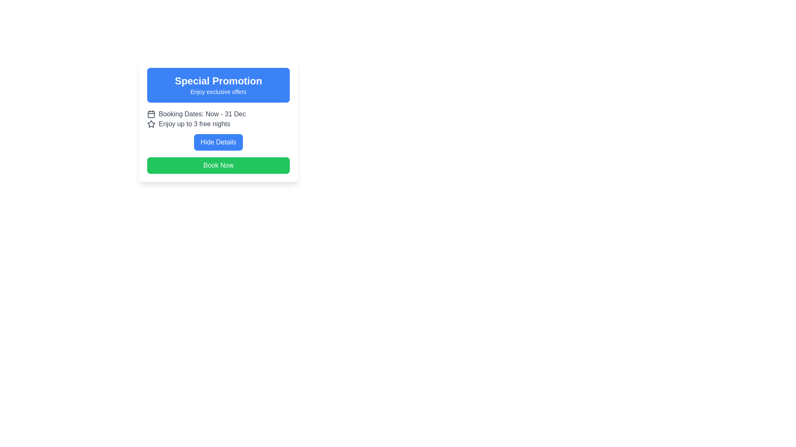 Image resolution: width=796 pixels, height=447 pixels. Describe the element at coordinates (218, 130) in the screenshot. I see `the text content group that includes 'Booking Dates: Now - 31 Dec', 'Enjoy up to 3 free nights', and 'Hide Details' to read it` at that location.